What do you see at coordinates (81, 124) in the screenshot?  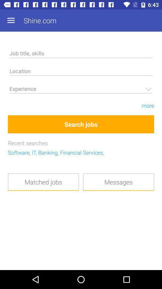 I see `the search jobs option` at bounding box center [81, 124].